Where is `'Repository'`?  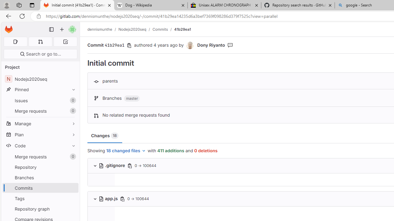 'Repository' is located at coordinates (40, 167).